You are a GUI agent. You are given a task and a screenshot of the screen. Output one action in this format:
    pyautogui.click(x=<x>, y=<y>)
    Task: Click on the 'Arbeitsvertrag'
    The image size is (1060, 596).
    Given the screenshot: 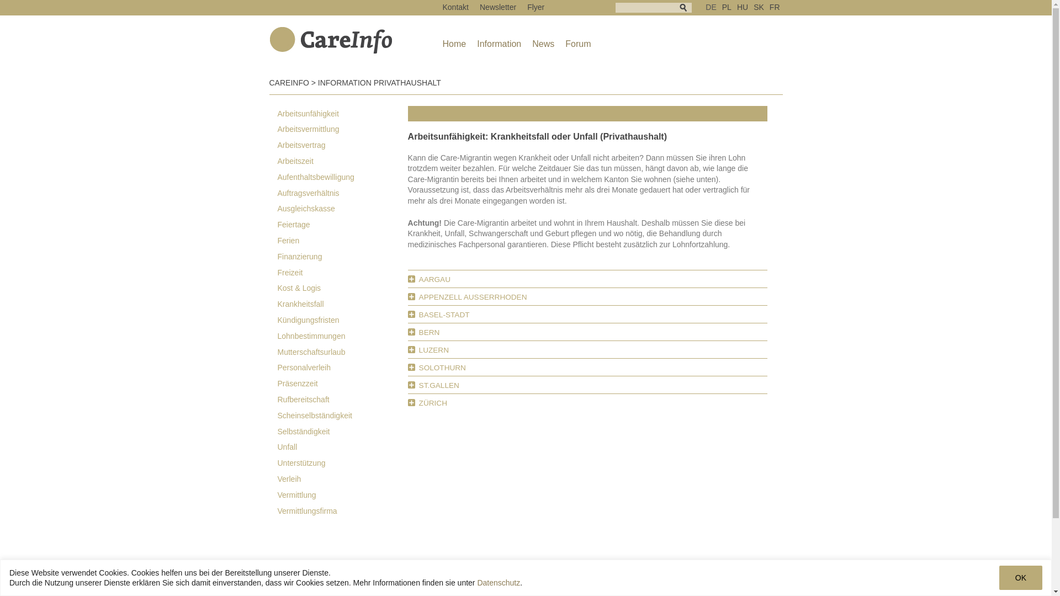 What is the action you would take?
    pyautogui.click(x=342, y=145)
    